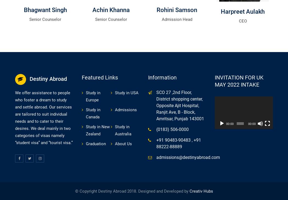 The image size is (288, 200). I want to click on '+91 90483-90483 , +91 88222-88889', so click(178, 143).